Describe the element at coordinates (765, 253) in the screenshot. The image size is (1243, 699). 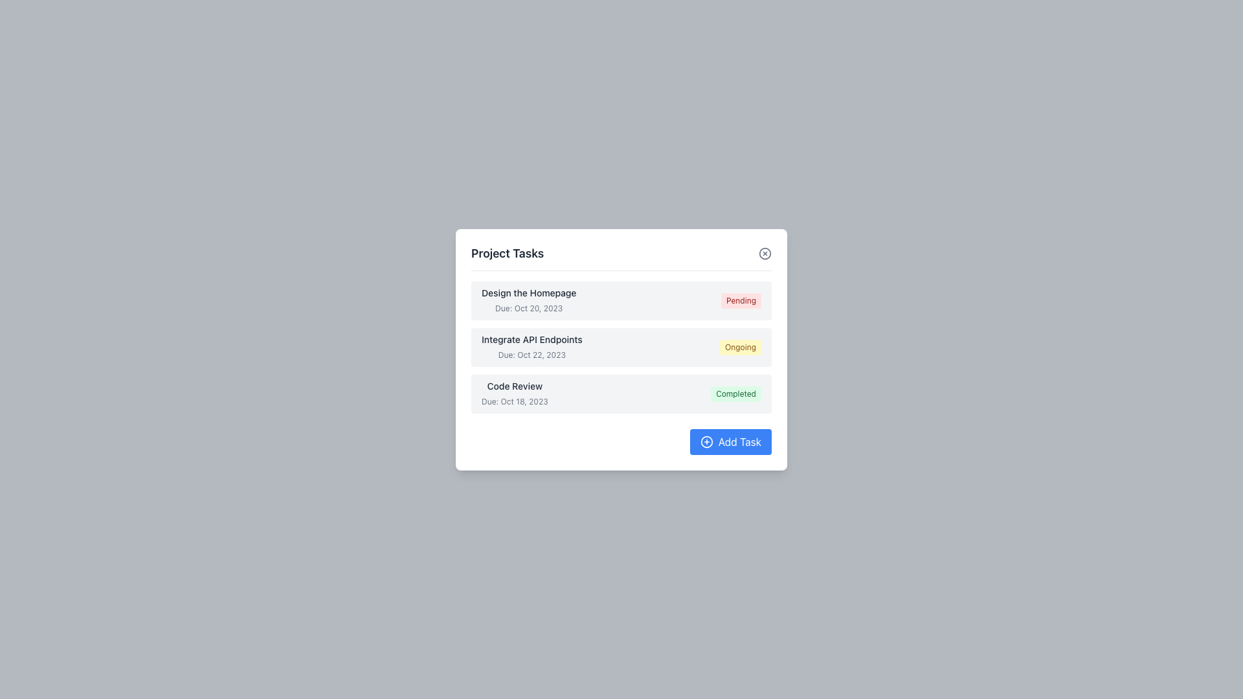
I see `the Circle vector graphic that is part of the close button in the top-right corner of the 'Project Tasks' card` at that location.